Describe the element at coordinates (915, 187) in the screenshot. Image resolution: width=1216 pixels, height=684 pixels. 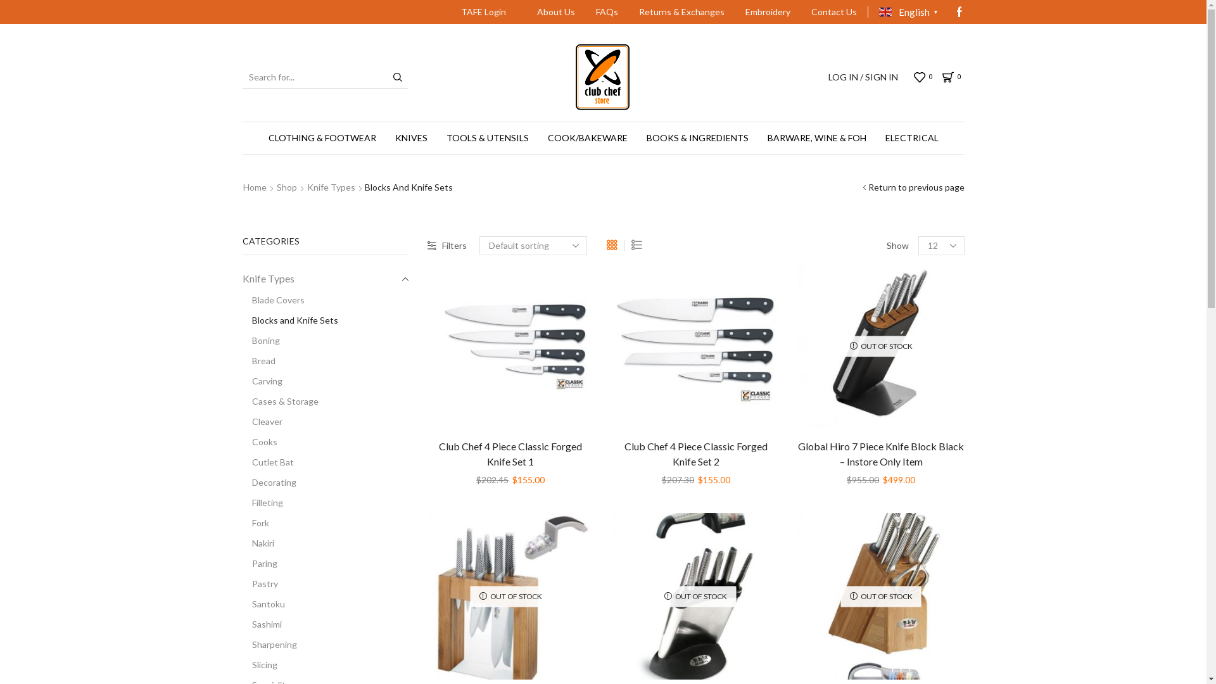
I see `'Return to previous page'` at that location.